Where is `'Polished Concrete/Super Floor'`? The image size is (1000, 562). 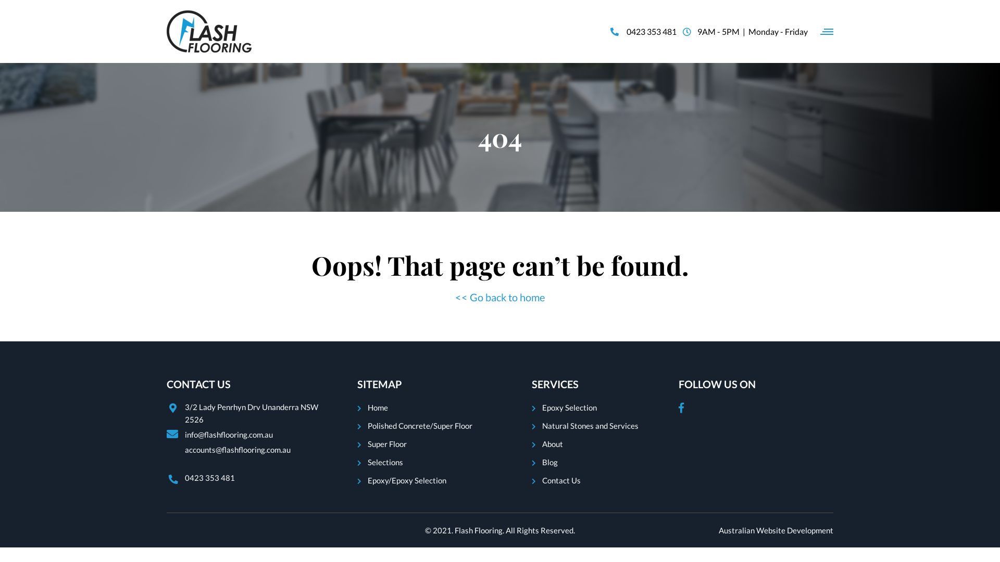 'Polished Concrete/Super Floor' is located at coordinates (420, 425).